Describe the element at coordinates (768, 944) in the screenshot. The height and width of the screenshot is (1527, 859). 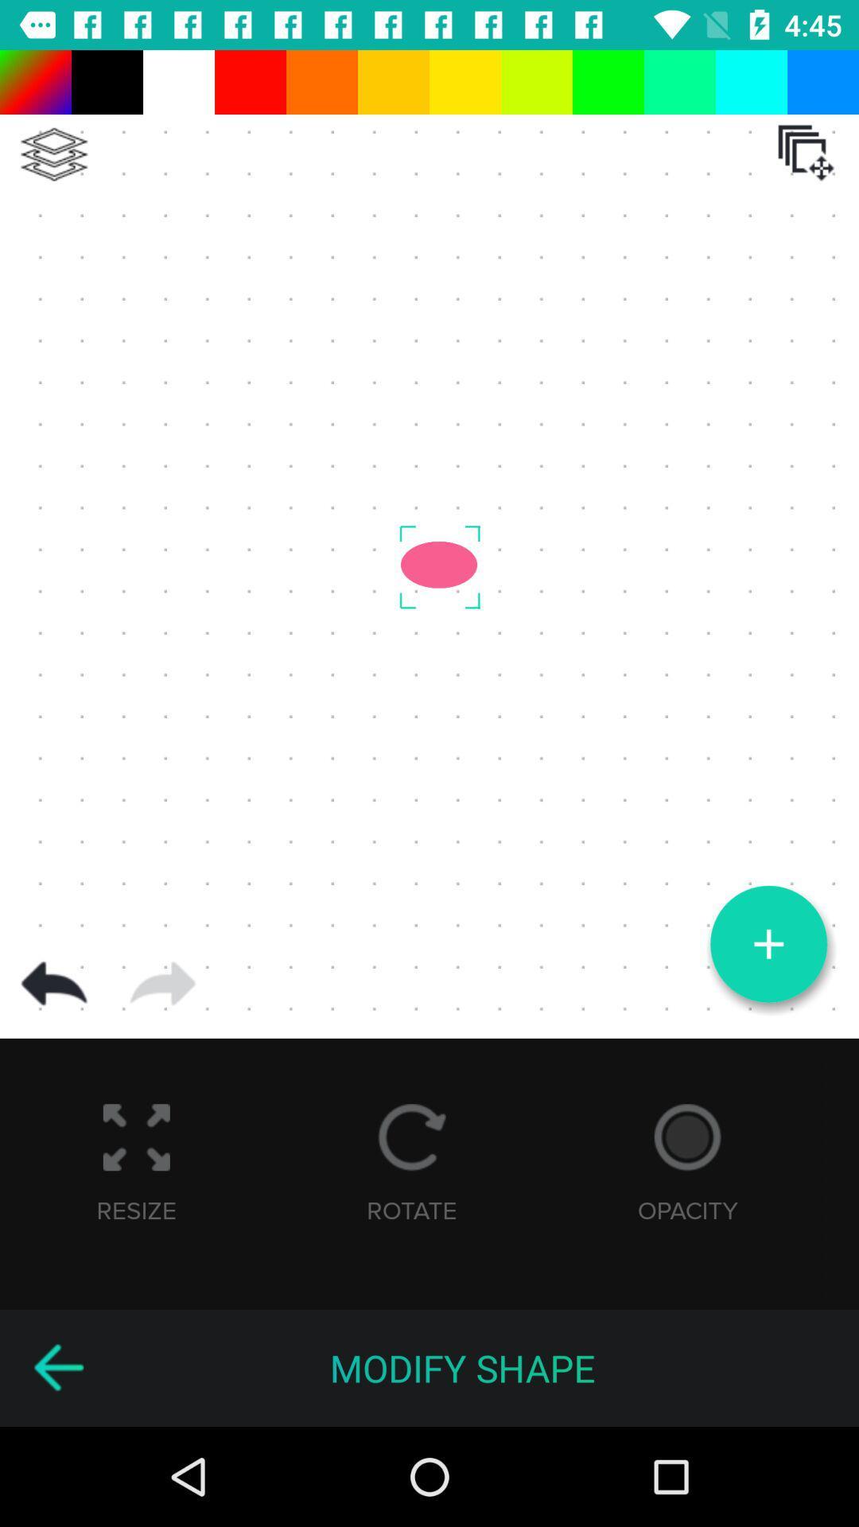
I see `see more options button` at that location.